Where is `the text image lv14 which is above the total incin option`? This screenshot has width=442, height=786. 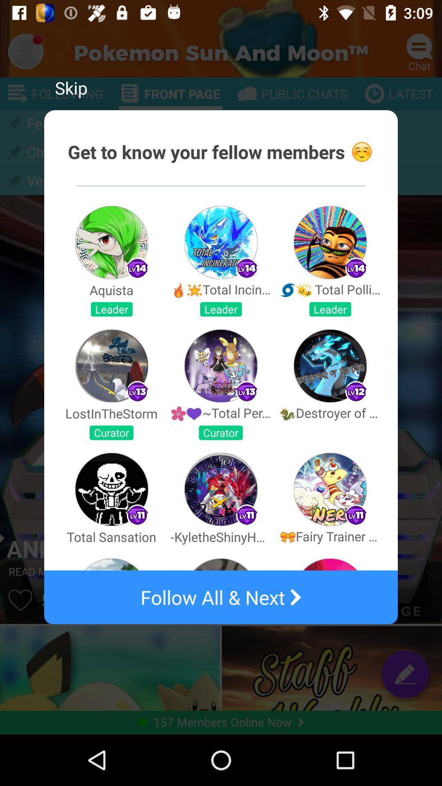
the text image lv14 which is above the total incin option is located at coordinates (246, 268).